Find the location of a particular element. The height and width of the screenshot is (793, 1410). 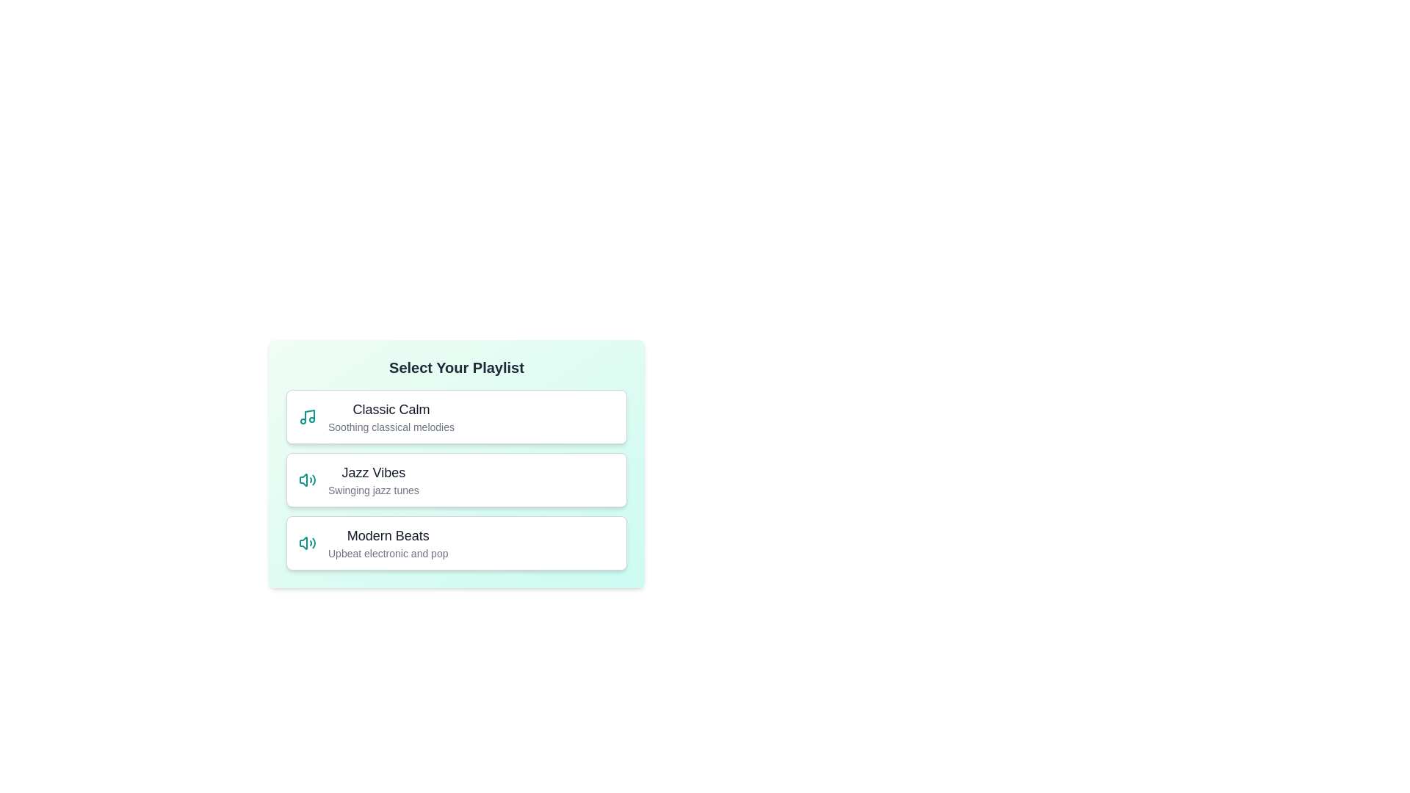

the sound volume icon located in the third playlist item titled 'Modern Beats' is located at coordinates (303, 543).